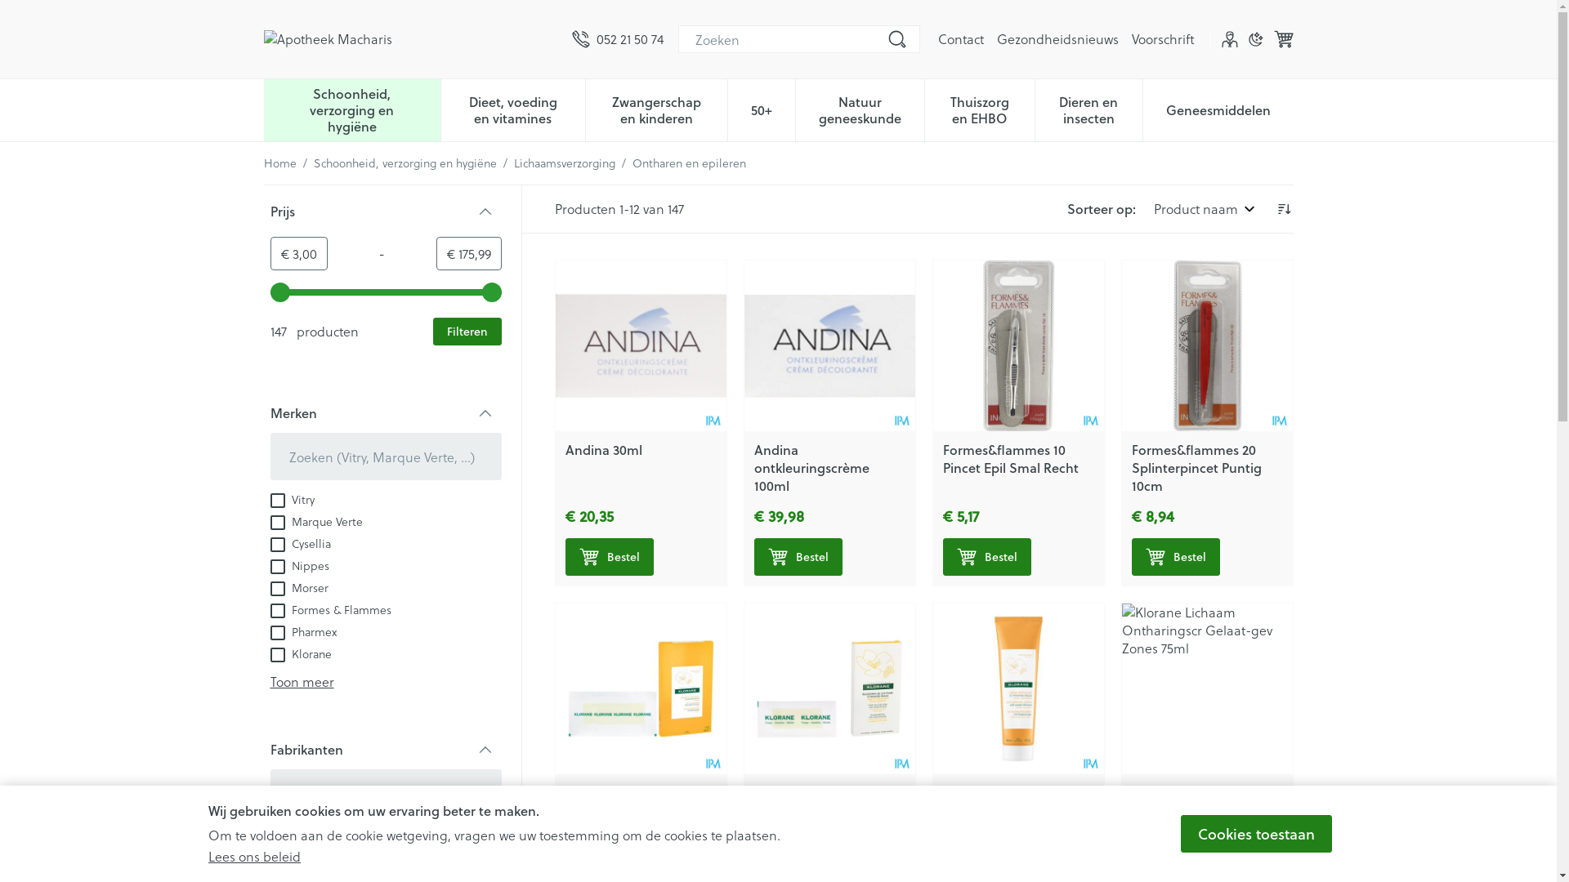 This screenshot has width=1569, height=882. Describe the element at coordinates (961, 38) in the screenshot. I see `'Contact'` at that location.